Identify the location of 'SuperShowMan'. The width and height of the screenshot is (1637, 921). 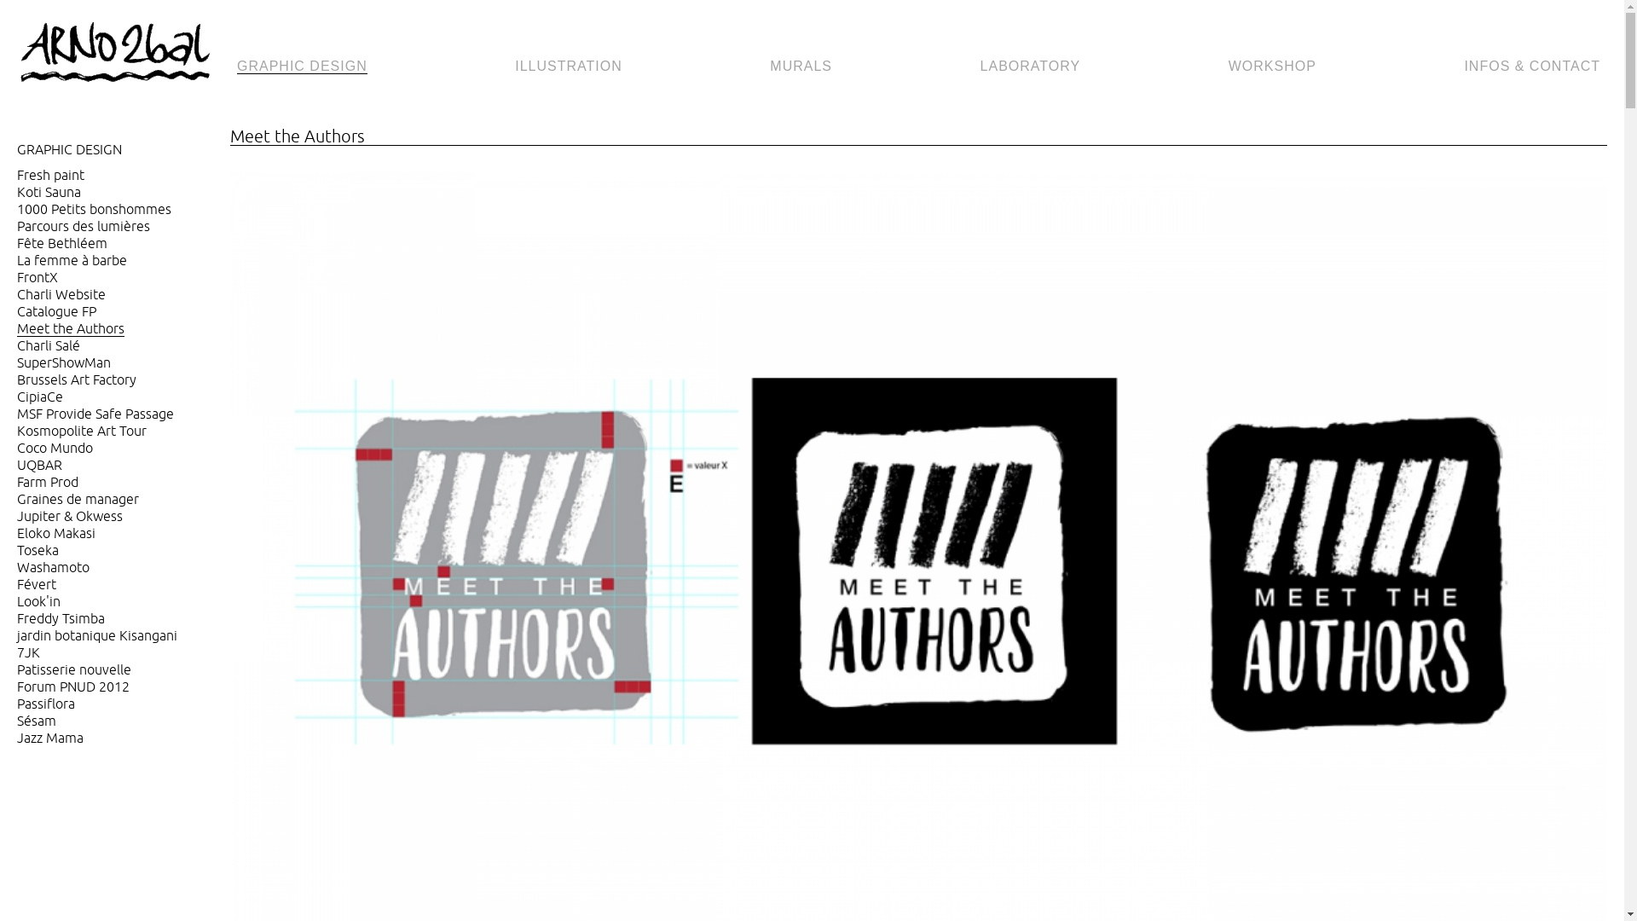
(64, 362).